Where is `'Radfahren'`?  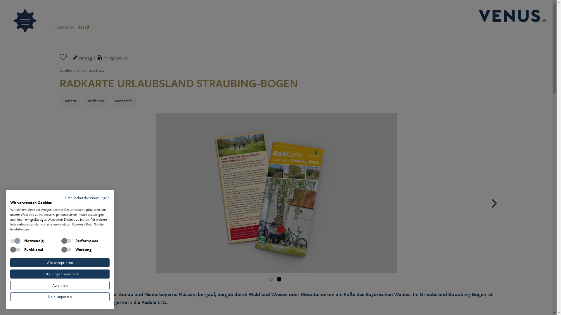
'Radfahren' is located at coordinates (96, 100).